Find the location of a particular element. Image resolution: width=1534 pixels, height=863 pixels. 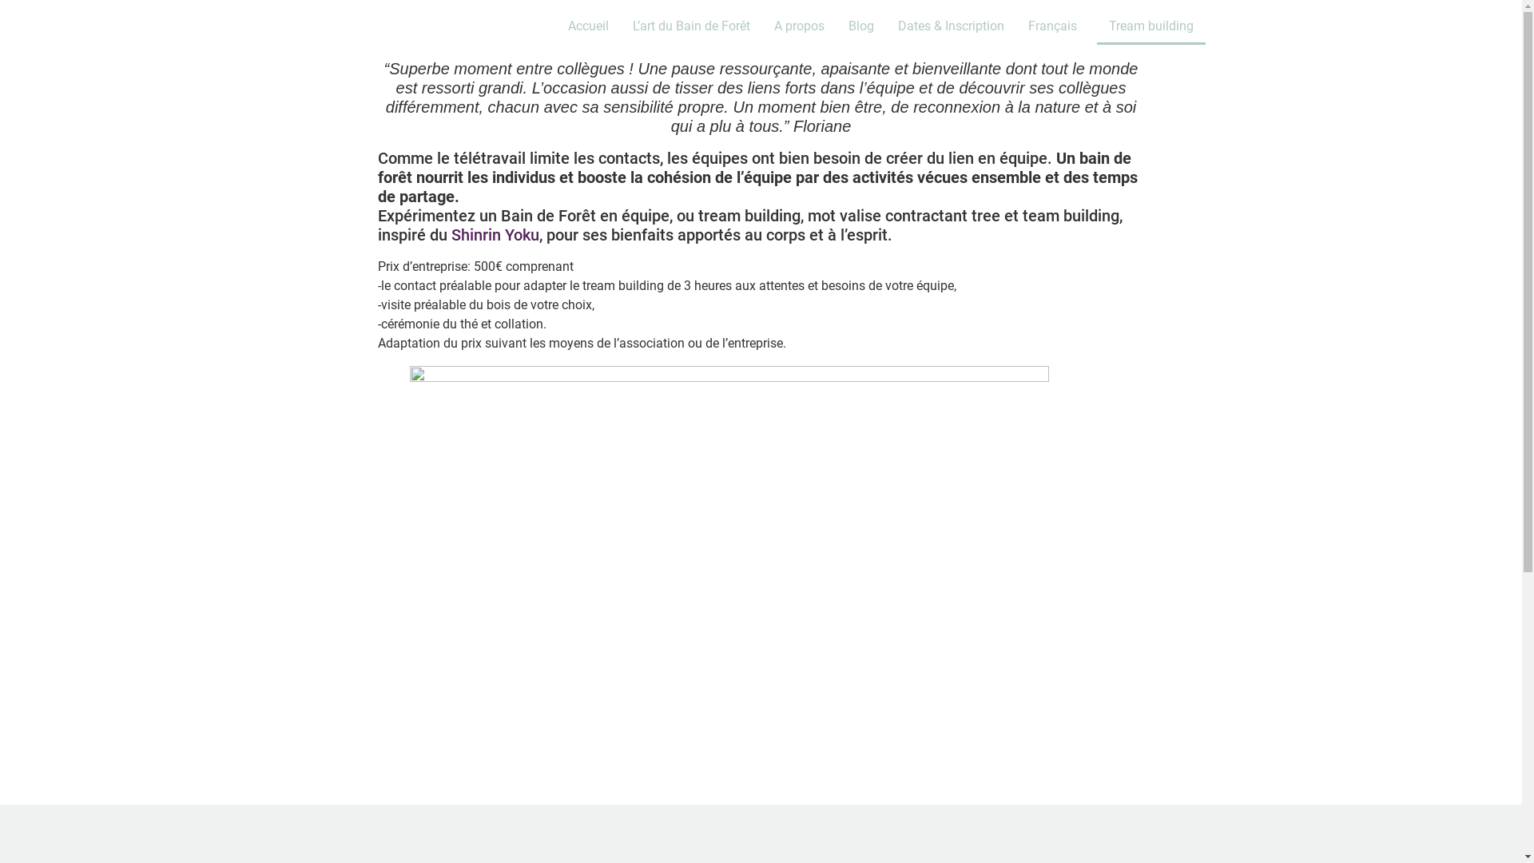

'A propos' is located at coordinates (761, 26).